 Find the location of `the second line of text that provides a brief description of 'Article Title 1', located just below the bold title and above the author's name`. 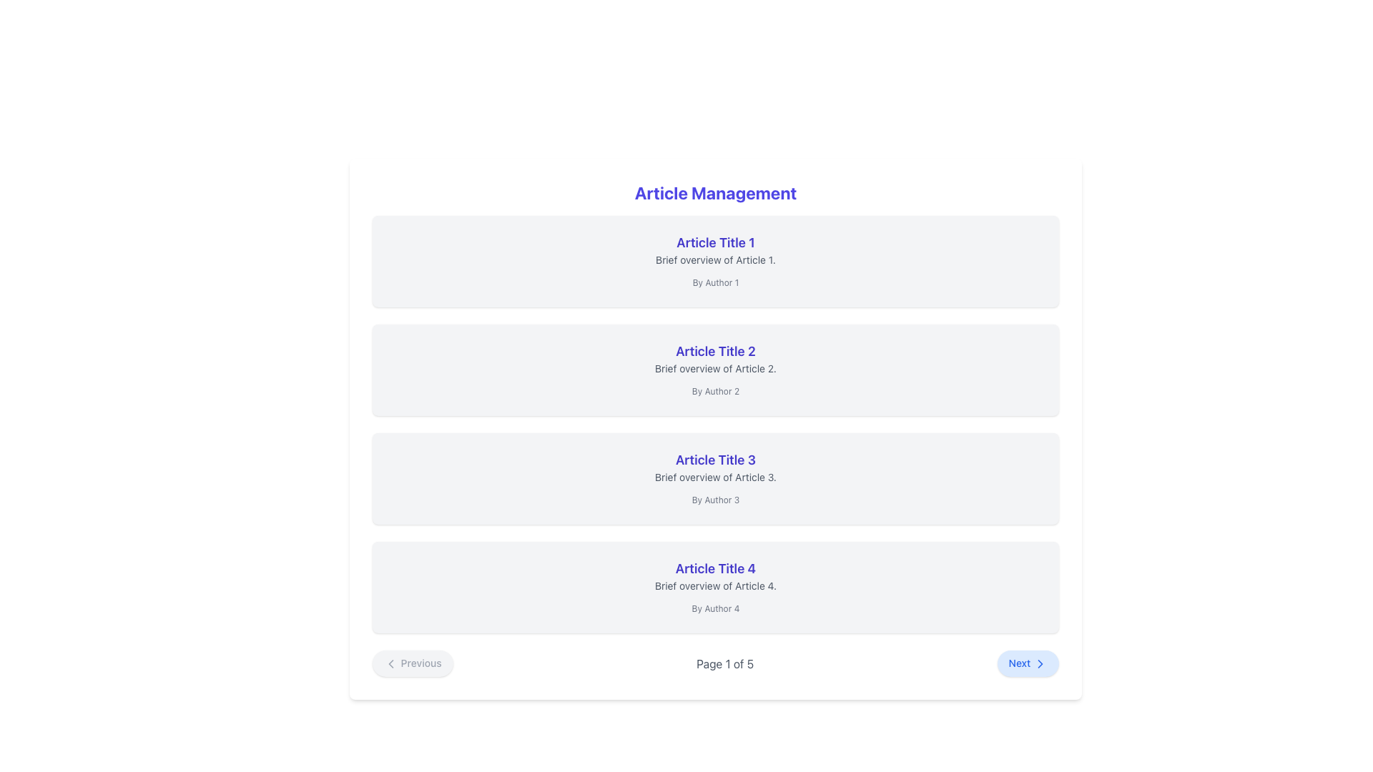

the second line of text that provides a brief description of 'Article Title 1', located just below the bold title and above the author's name is located at coordinates (716, 259).